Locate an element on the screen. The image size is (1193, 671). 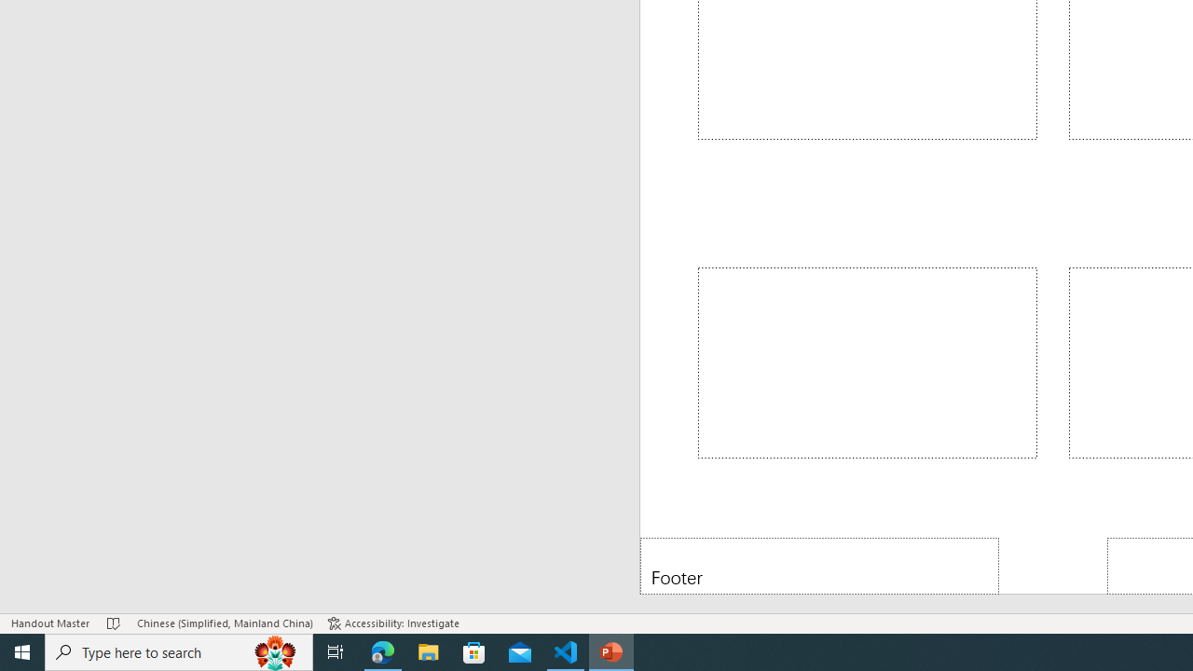
'Accessibility Checker Accessibility: Investigate' is located at coordinates (392, 623).